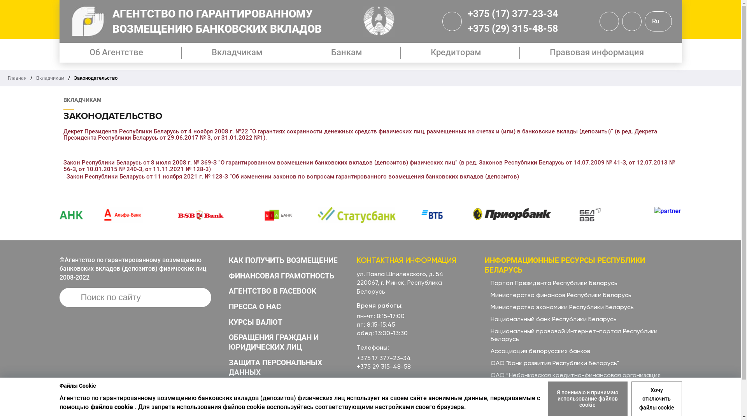 This screenshot has height=420, width=747. What do you see at coordinates (356, 391) in the screenshot?
I see `'info@adc.by'` at bounding box center [356, 391].